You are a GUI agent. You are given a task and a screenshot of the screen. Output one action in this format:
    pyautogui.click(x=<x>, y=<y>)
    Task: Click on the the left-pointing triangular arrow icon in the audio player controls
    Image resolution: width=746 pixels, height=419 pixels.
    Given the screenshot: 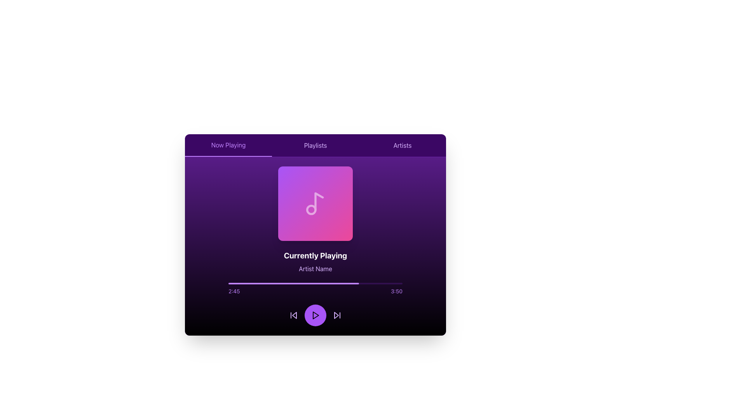 What is the action you would take?
    pyautogui.click(x=294, y=315)
    